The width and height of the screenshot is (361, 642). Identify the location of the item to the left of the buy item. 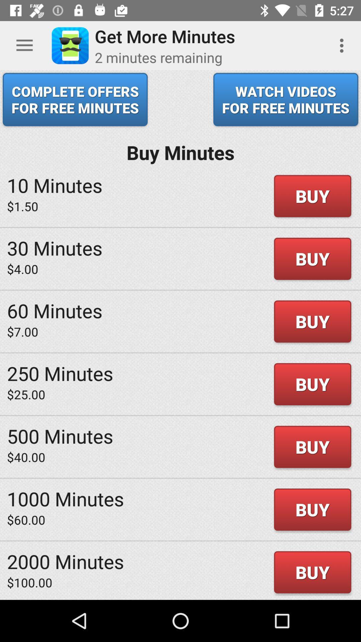
(60, 436).